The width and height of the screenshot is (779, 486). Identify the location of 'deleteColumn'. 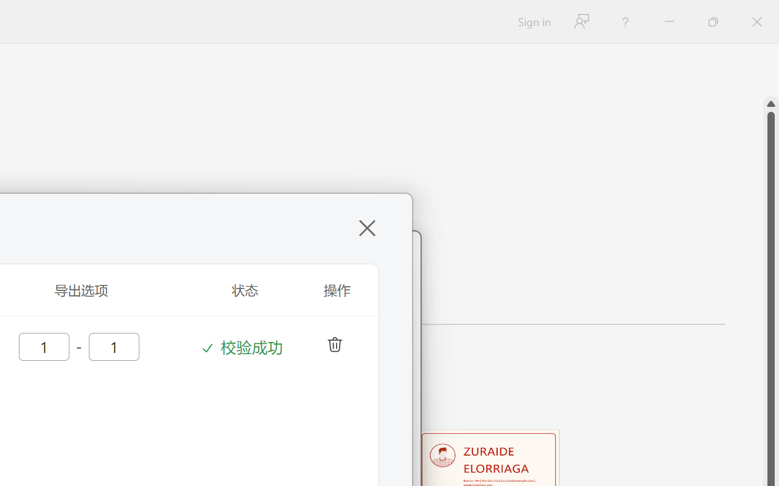
(334, 343).